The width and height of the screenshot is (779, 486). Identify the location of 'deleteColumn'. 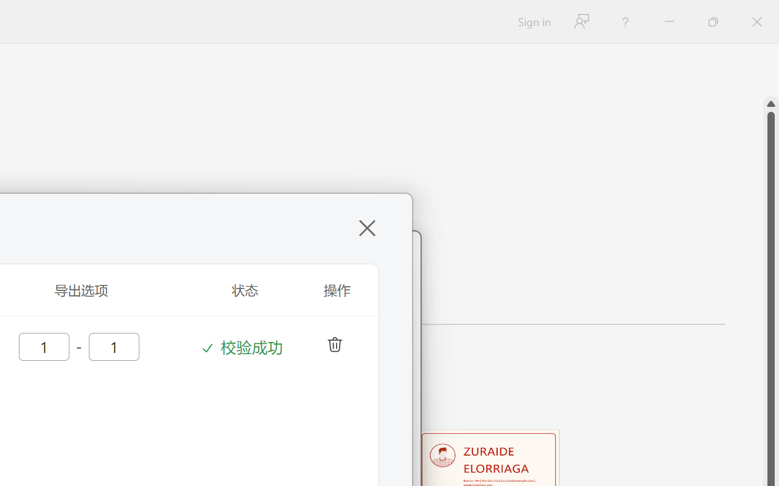
(334, 343).